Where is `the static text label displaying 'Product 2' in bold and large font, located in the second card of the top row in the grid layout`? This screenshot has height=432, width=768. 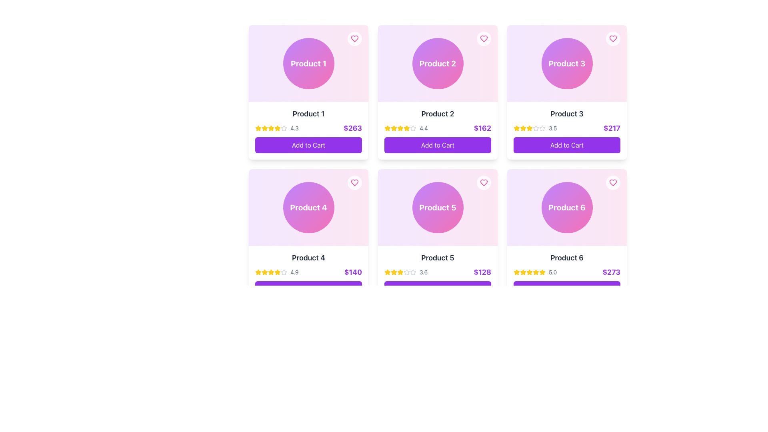 the static text label displaying 'Product 2' in bold and large font, located in the second card of the top row in the grid layout is located at coordinates (437, 114).